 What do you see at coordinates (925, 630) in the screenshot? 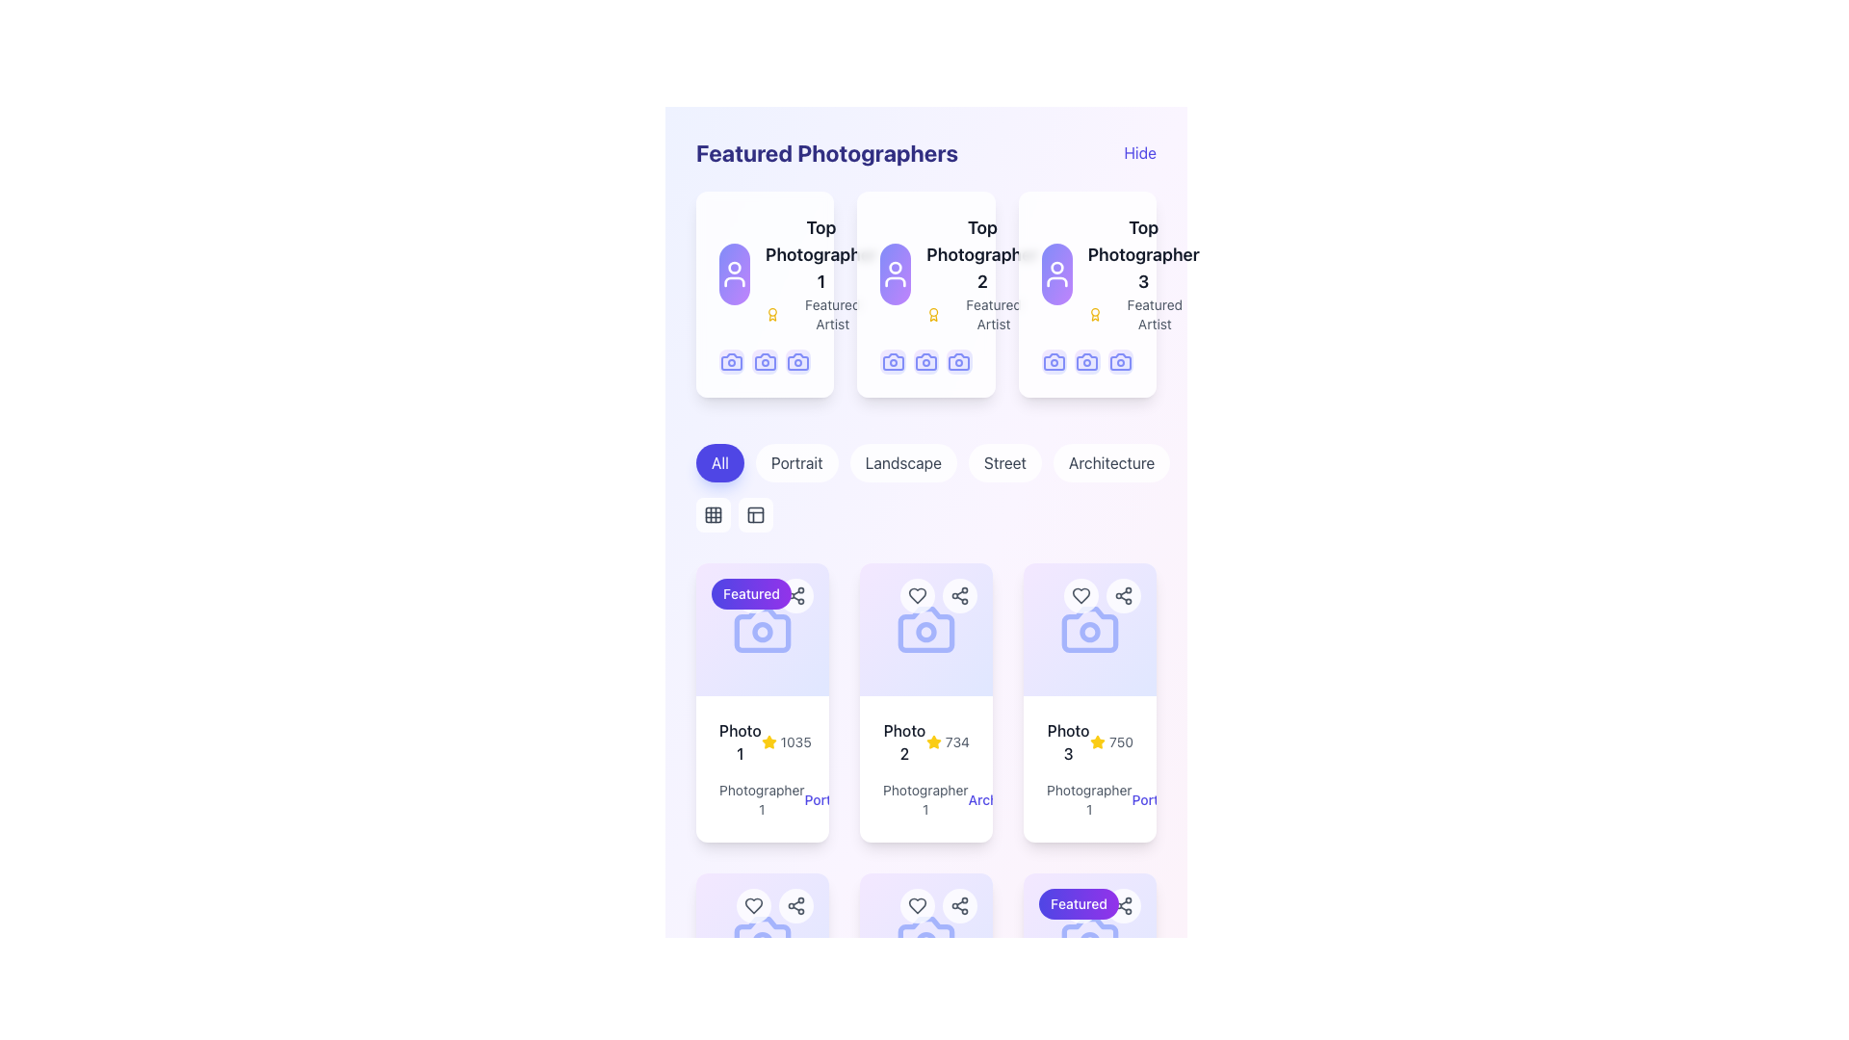
I see `the camera icon located in the second column of the lower section, below the filter categories, which resembles an old-fashioned camera with a lens at its center` at bounding box center [925, 630].